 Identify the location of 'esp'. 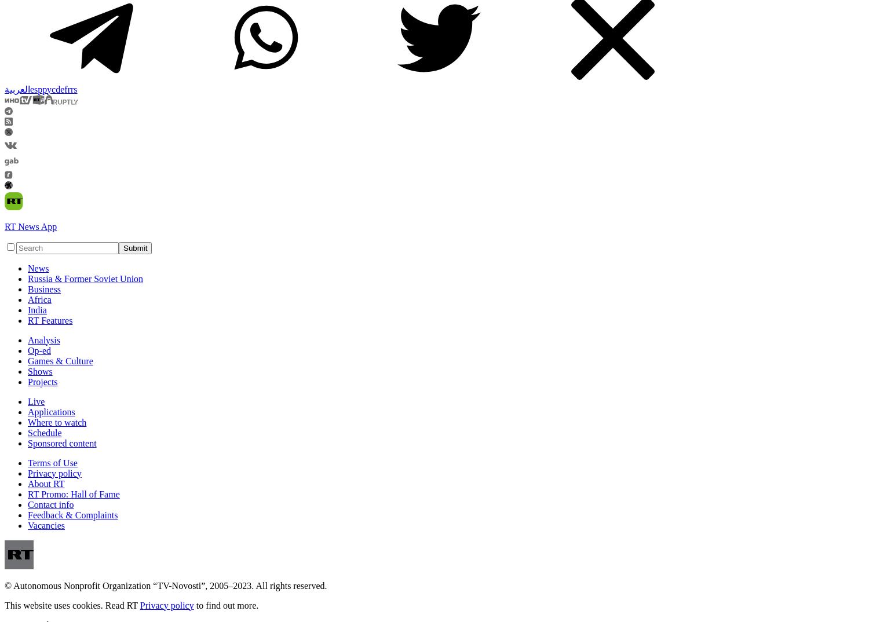
(36, 88).